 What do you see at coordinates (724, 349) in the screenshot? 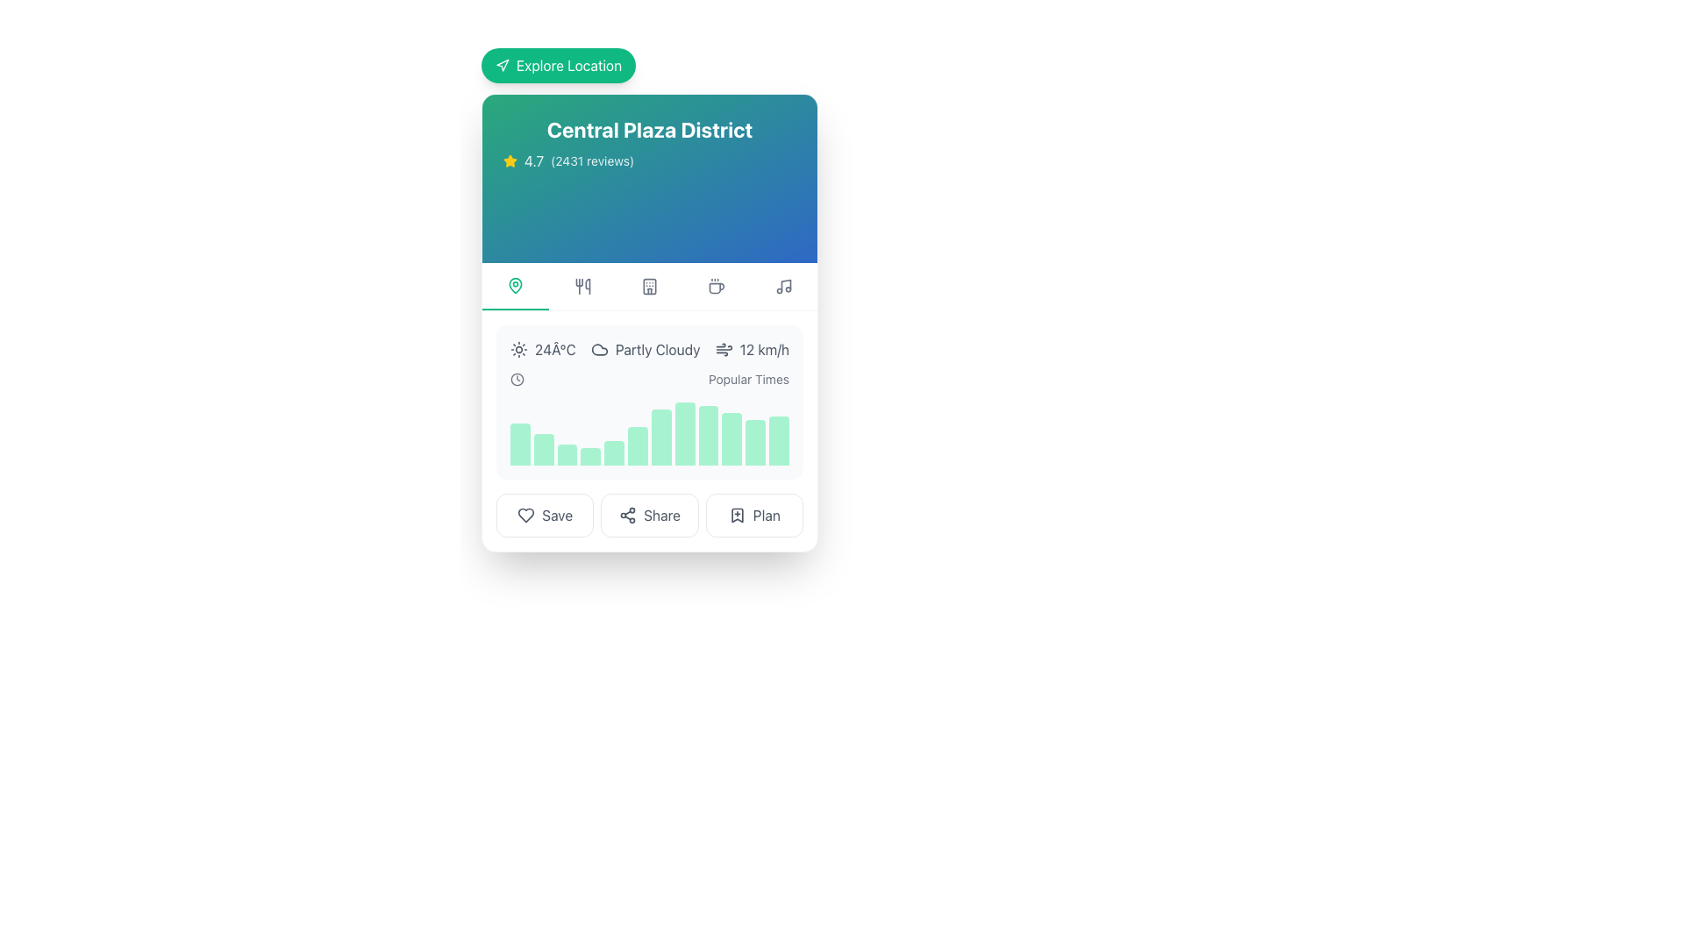
I see `the wind speed icon located` at bounding box center [724, 349].